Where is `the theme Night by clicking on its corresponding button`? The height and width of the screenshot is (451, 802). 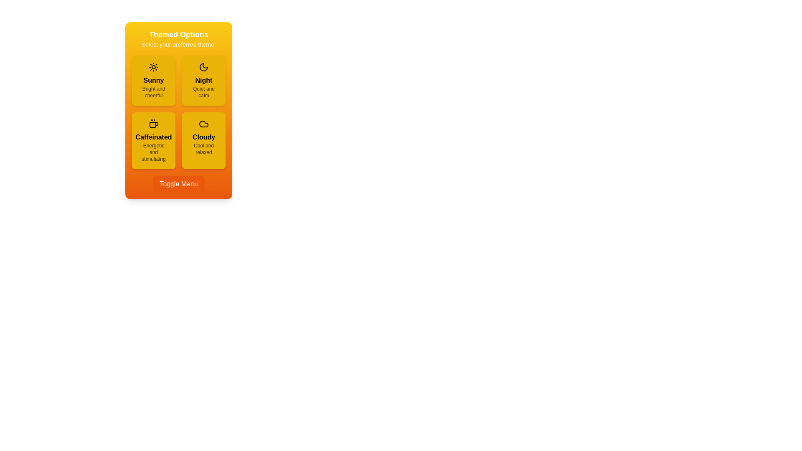 the theme Night by clicking on its corresponding button is located at coordinates (204, 80).